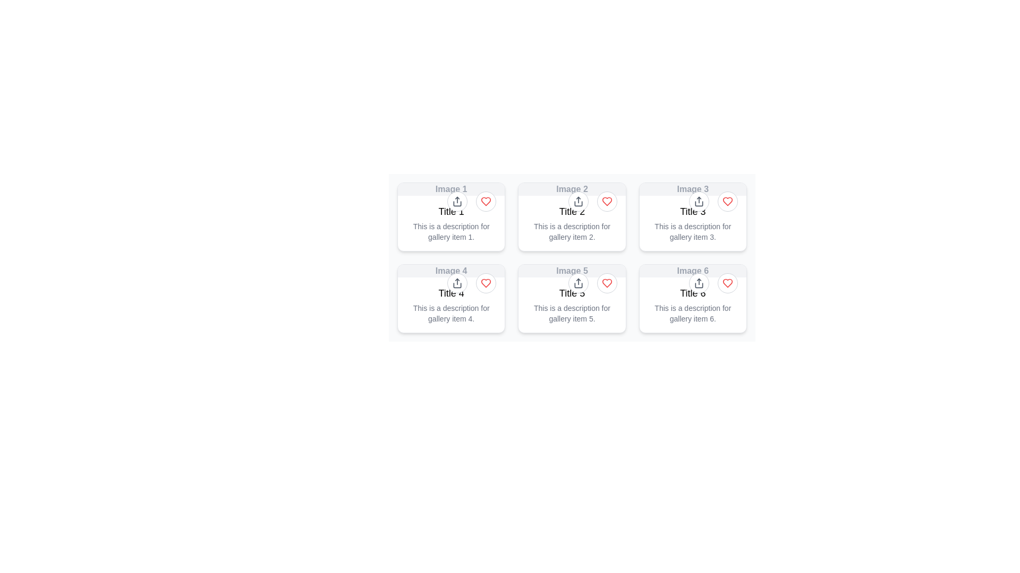 This screenshot has width=1020, height=573. Describe the element at coordinates (457, 282) in the screenshot. I see `the share button located in the top-right corner of the card labeled 'Image 4' to share the item` at that location.